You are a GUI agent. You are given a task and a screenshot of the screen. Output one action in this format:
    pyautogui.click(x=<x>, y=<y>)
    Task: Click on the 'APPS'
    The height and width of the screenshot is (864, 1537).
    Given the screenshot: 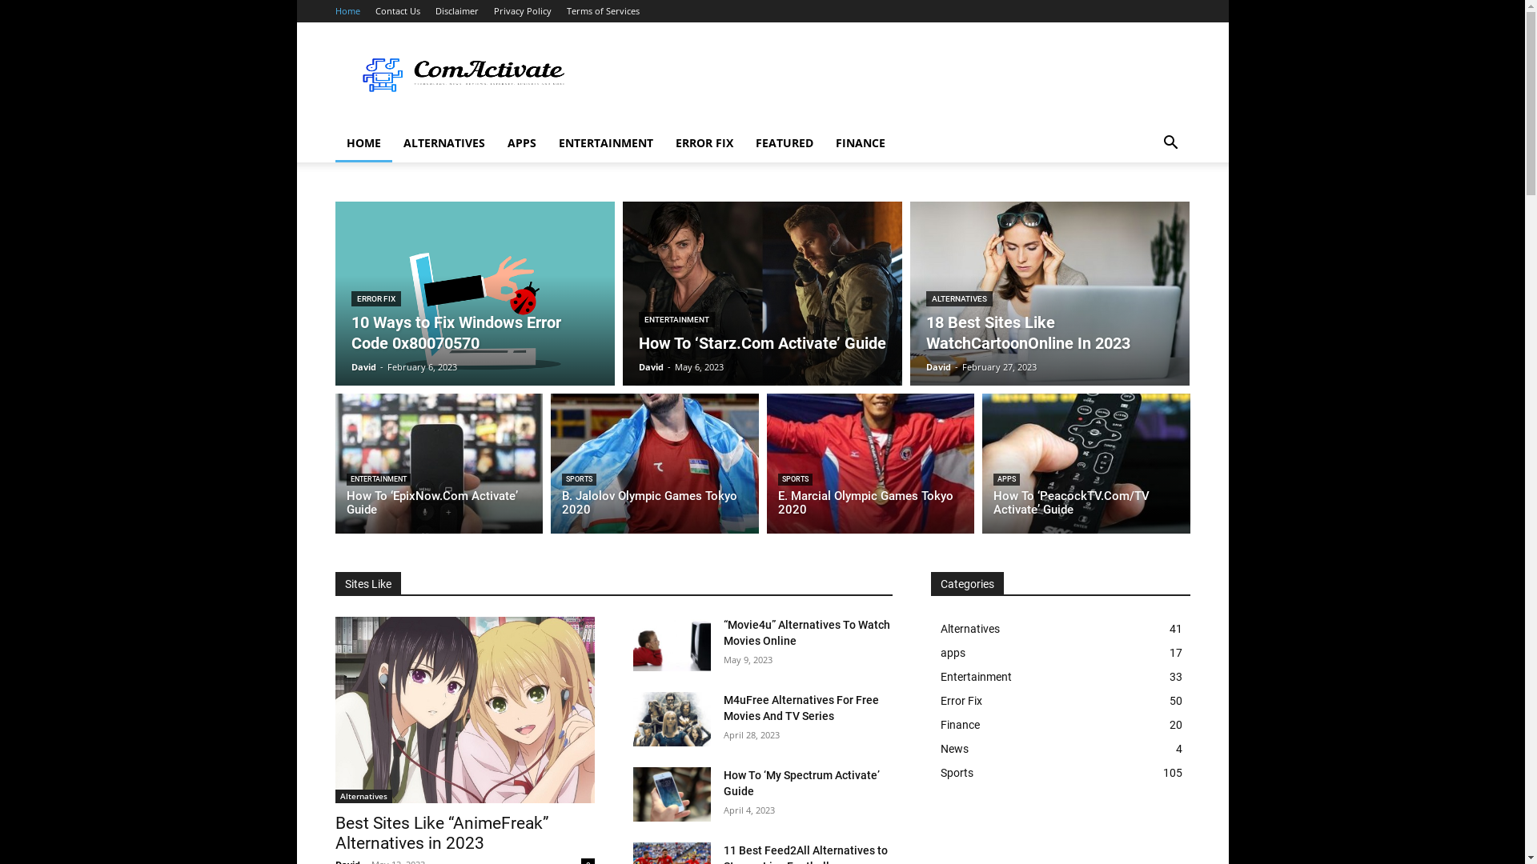 What is the action you would take?
    pyautogui.click(x=522, y=142)
    